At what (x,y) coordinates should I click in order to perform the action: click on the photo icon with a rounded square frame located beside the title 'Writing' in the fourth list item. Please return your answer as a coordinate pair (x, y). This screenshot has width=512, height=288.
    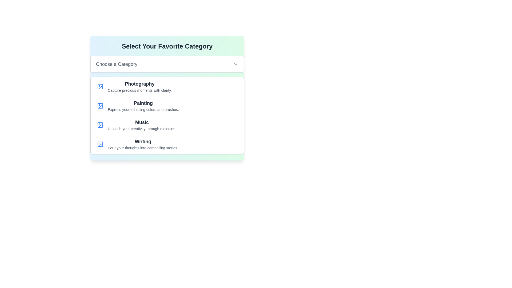
    Looking at the image, I should click on (100, 144).